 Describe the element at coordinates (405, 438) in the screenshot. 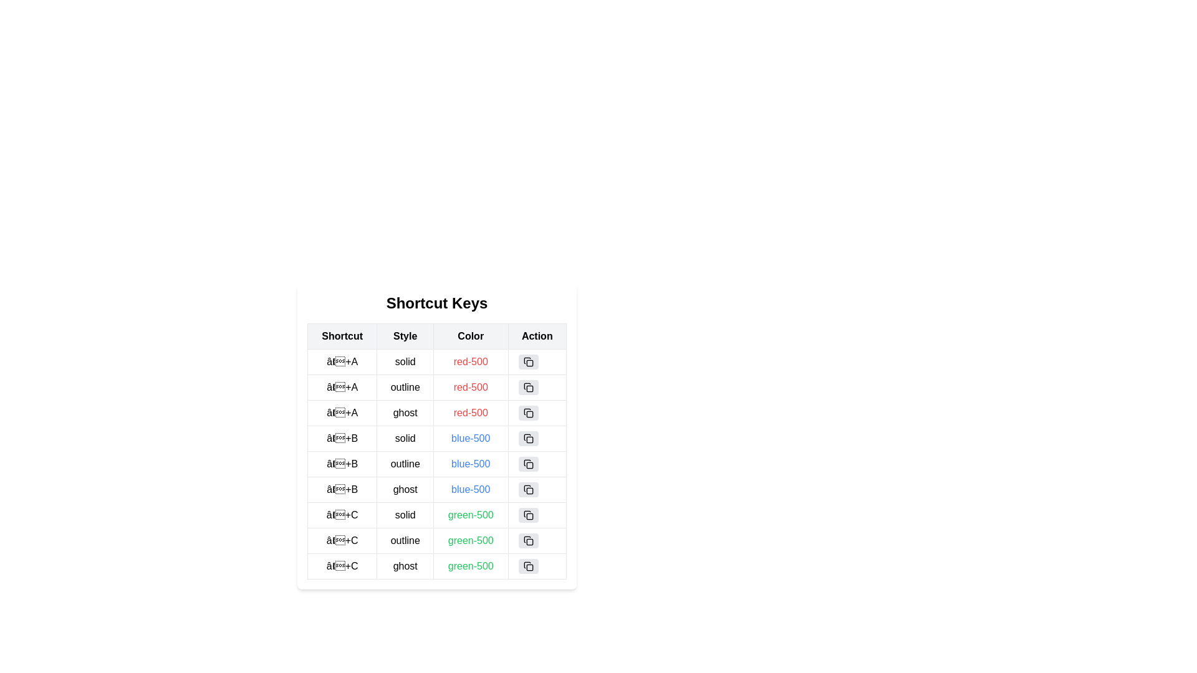

I see `the Text label representing the styling type associated with the shortcut key '⌘+B', located in the second row of blue entries under the 'Style' column` at that location.